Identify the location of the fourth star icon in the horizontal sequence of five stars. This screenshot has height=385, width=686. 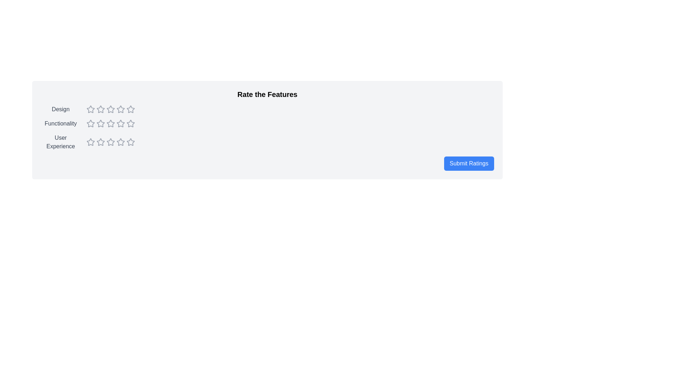
(130, 123).